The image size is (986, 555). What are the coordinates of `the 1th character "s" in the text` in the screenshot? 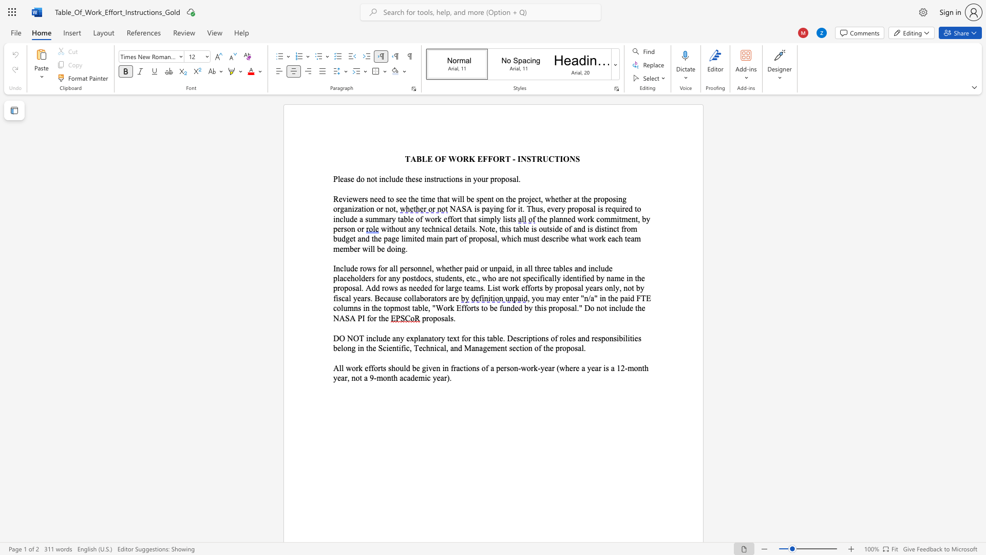 It's located at (349, 178).